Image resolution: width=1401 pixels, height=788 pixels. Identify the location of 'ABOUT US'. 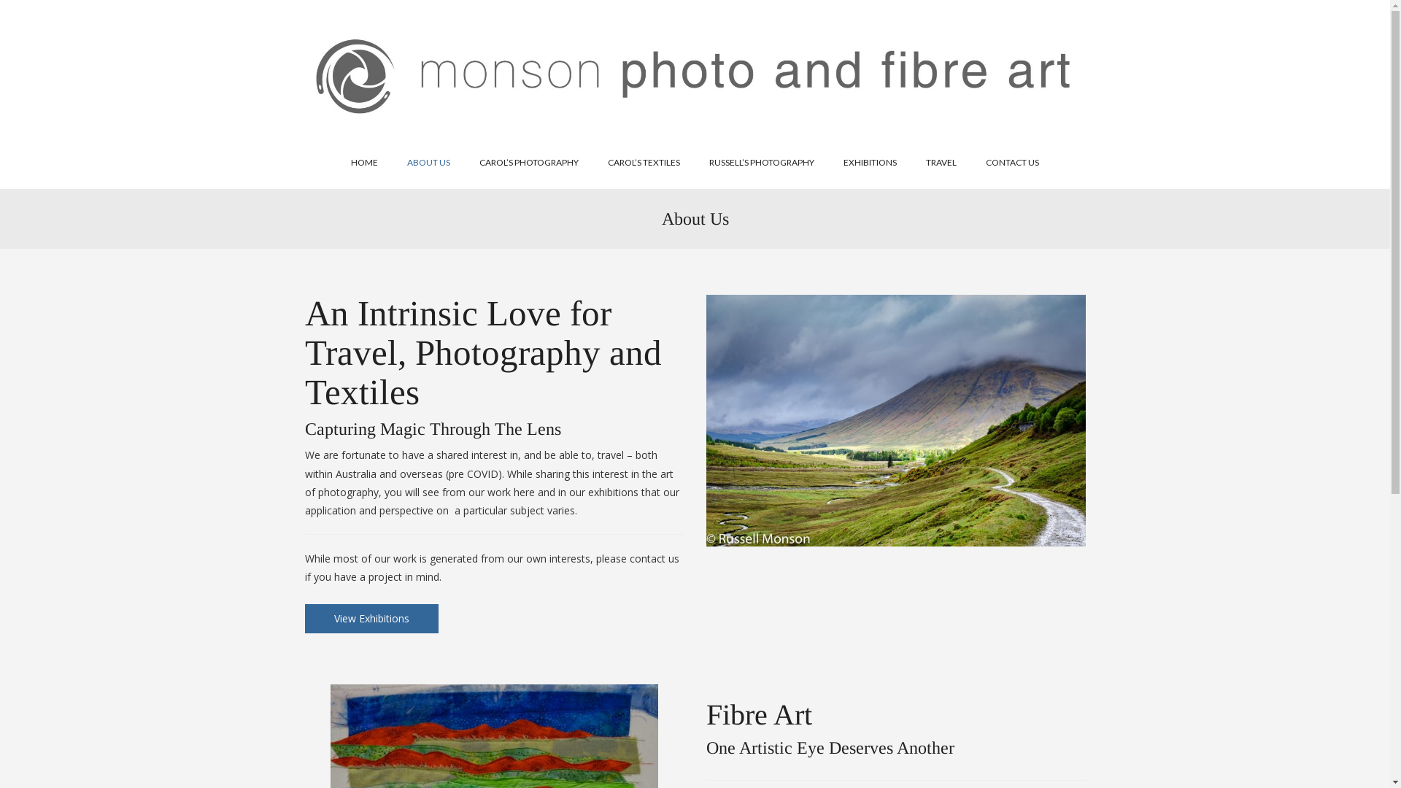
(428, 163).